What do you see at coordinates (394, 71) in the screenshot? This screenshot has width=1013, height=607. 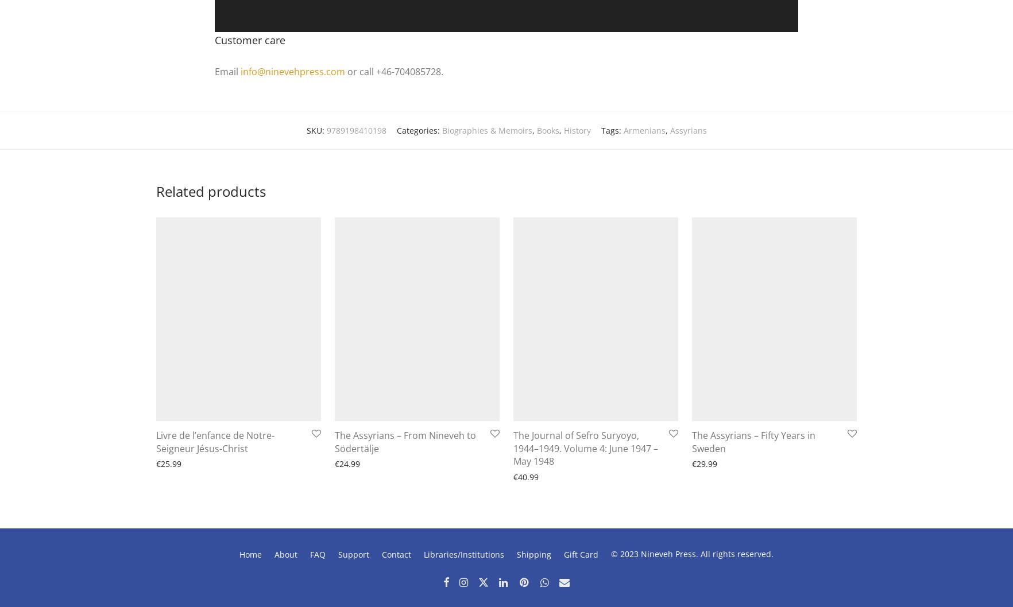 I see `'or call +46-704085728.'` at bounding box center [394, 71].